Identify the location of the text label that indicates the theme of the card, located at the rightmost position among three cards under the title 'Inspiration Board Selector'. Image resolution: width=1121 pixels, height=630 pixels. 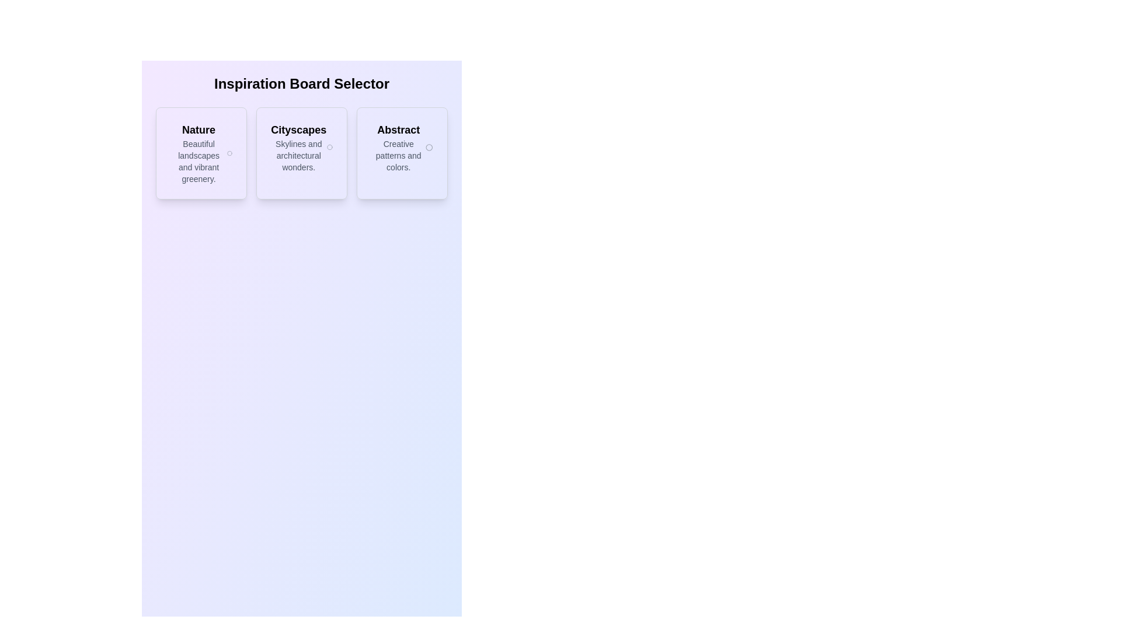
(398, 130).